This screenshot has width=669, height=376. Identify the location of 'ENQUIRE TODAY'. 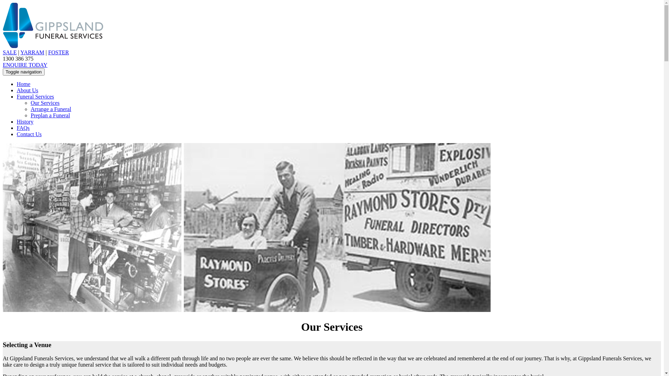
(25, 65).